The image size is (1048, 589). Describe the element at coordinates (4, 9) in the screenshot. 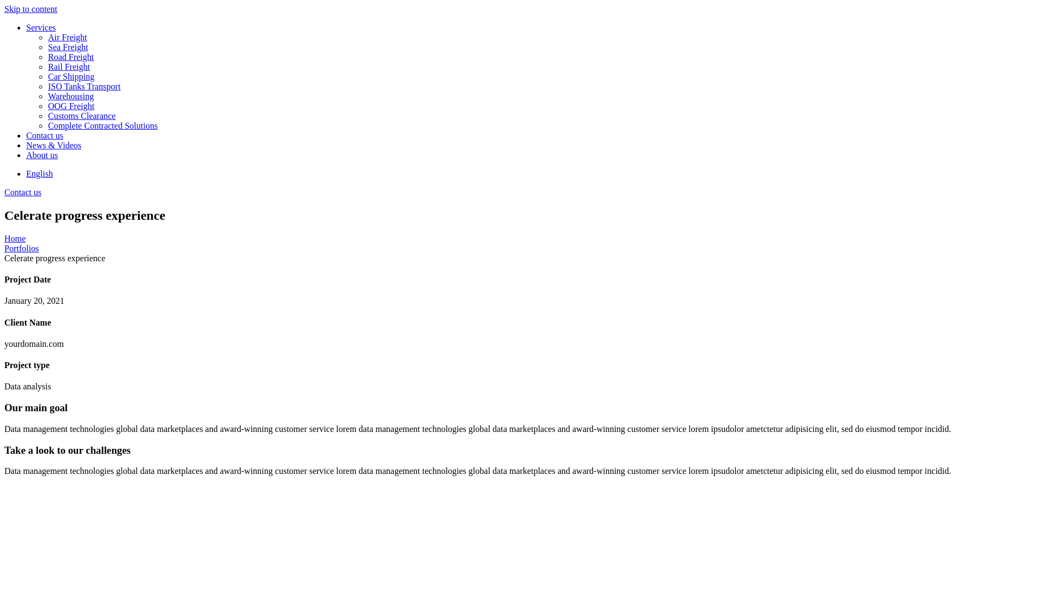

I see `'Skip to content'` at that location.